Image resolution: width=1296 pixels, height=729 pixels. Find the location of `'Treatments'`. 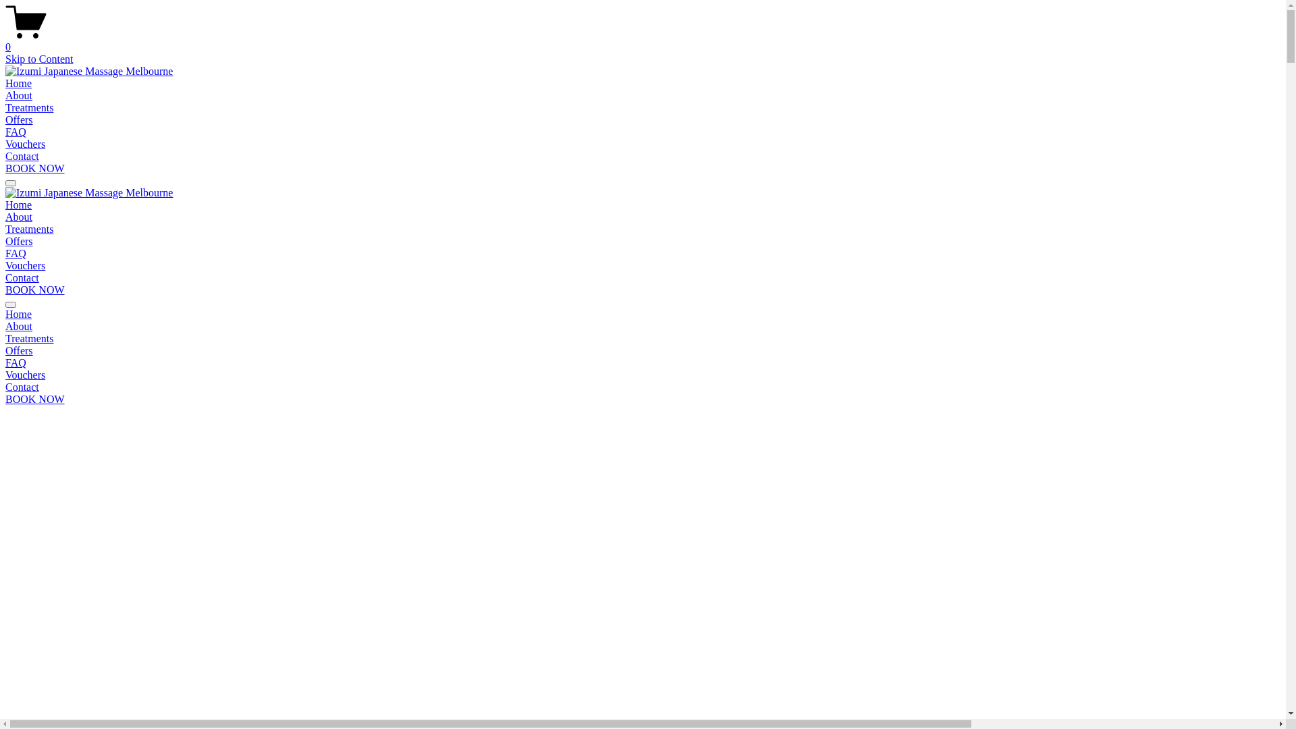

'Treatments' is located at coordinates (642, 337).